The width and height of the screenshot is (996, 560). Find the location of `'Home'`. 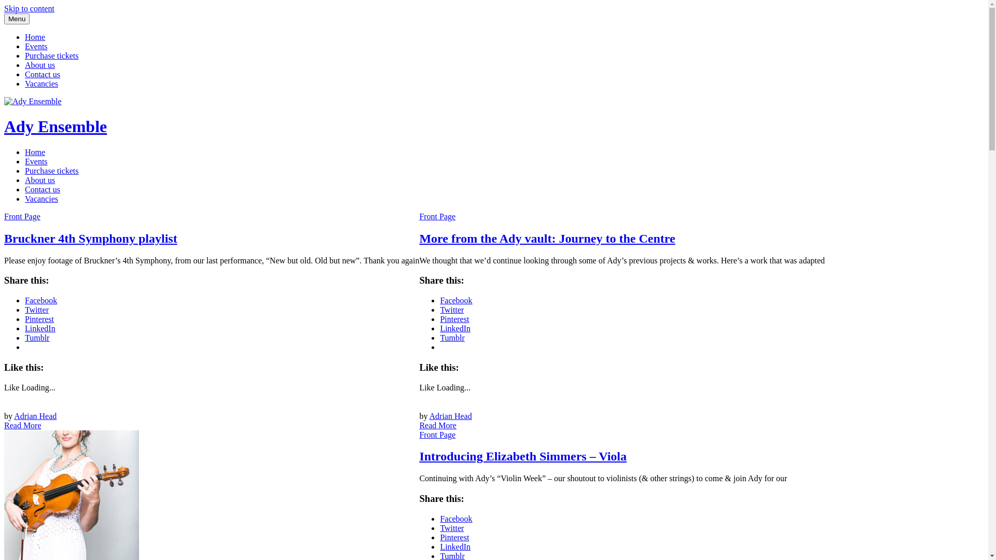

'Home' is located at coordinates (35, 36).